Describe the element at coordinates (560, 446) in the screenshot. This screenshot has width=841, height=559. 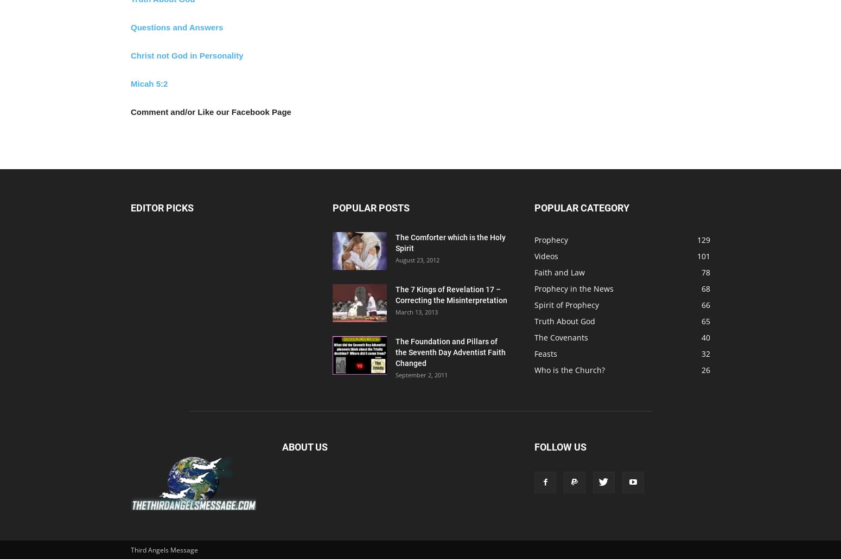
I see `'FOLLOW US'` at that location.